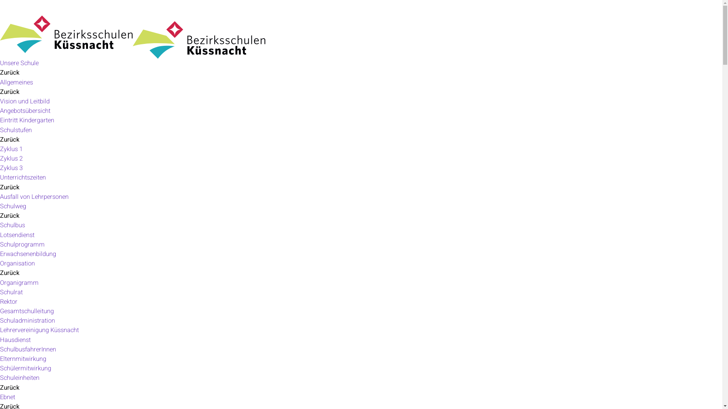 This screenshot has height=409, width=728. What do you see at coordinates (11, 167) in the screenshot?
I see `'Zyklus 3'` at bounding box center [11, 167].